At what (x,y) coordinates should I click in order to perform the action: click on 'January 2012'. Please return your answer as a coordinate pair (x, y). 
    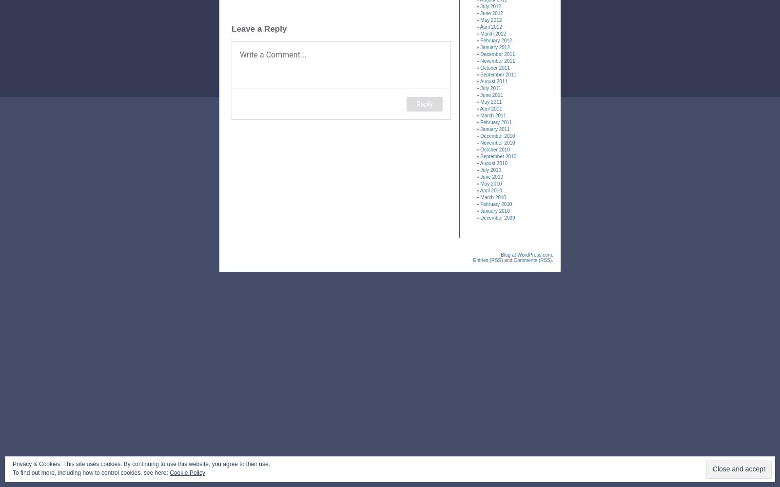
    Looking at the image, I should click on (495, 47).